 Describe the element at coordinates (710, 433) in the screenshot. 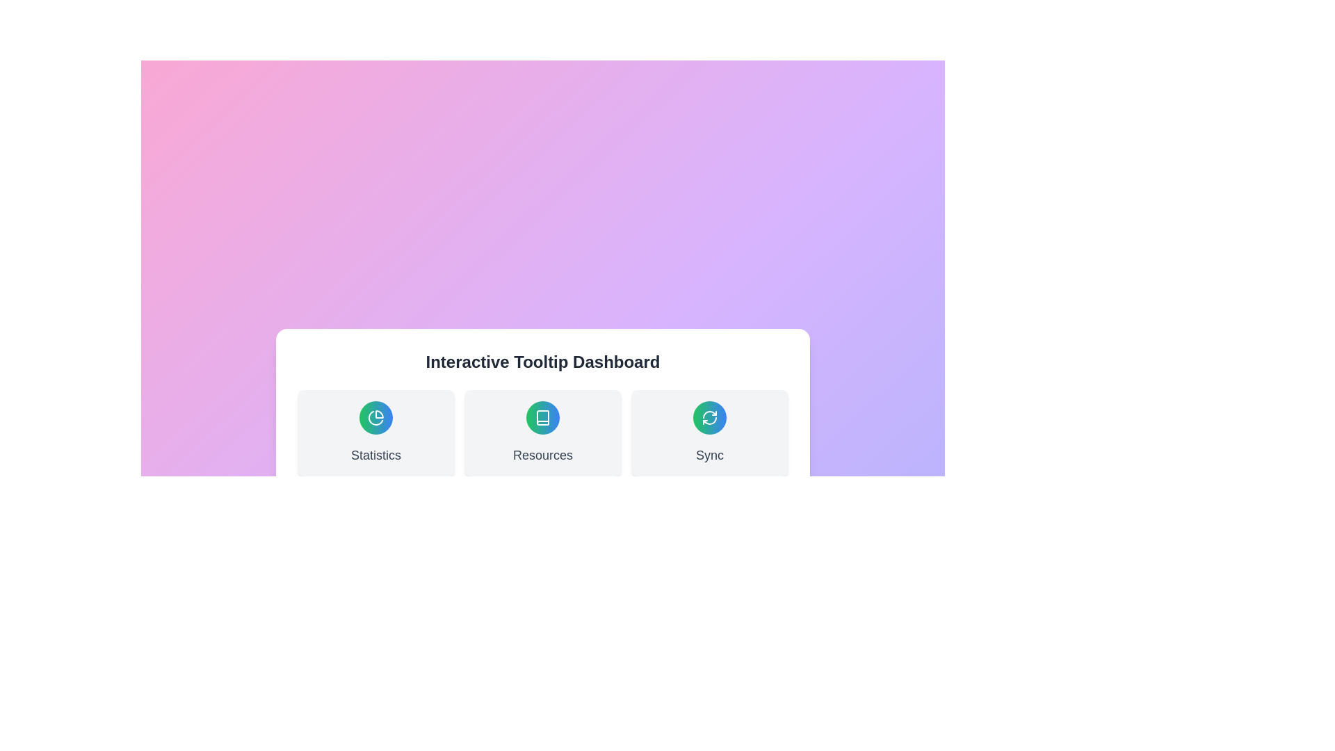

I see `the informational card featuring a green to blue gradient icon and the text 'Sync' at the bottom center to initiate synchronization or navigate to synchronization details` at that location.